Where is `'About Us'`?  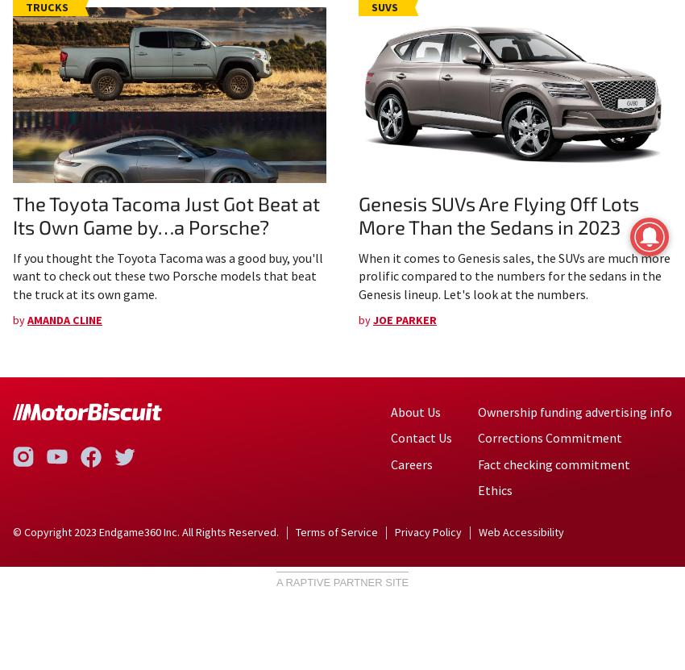 'About Us' is located at coordinates (414, 410).